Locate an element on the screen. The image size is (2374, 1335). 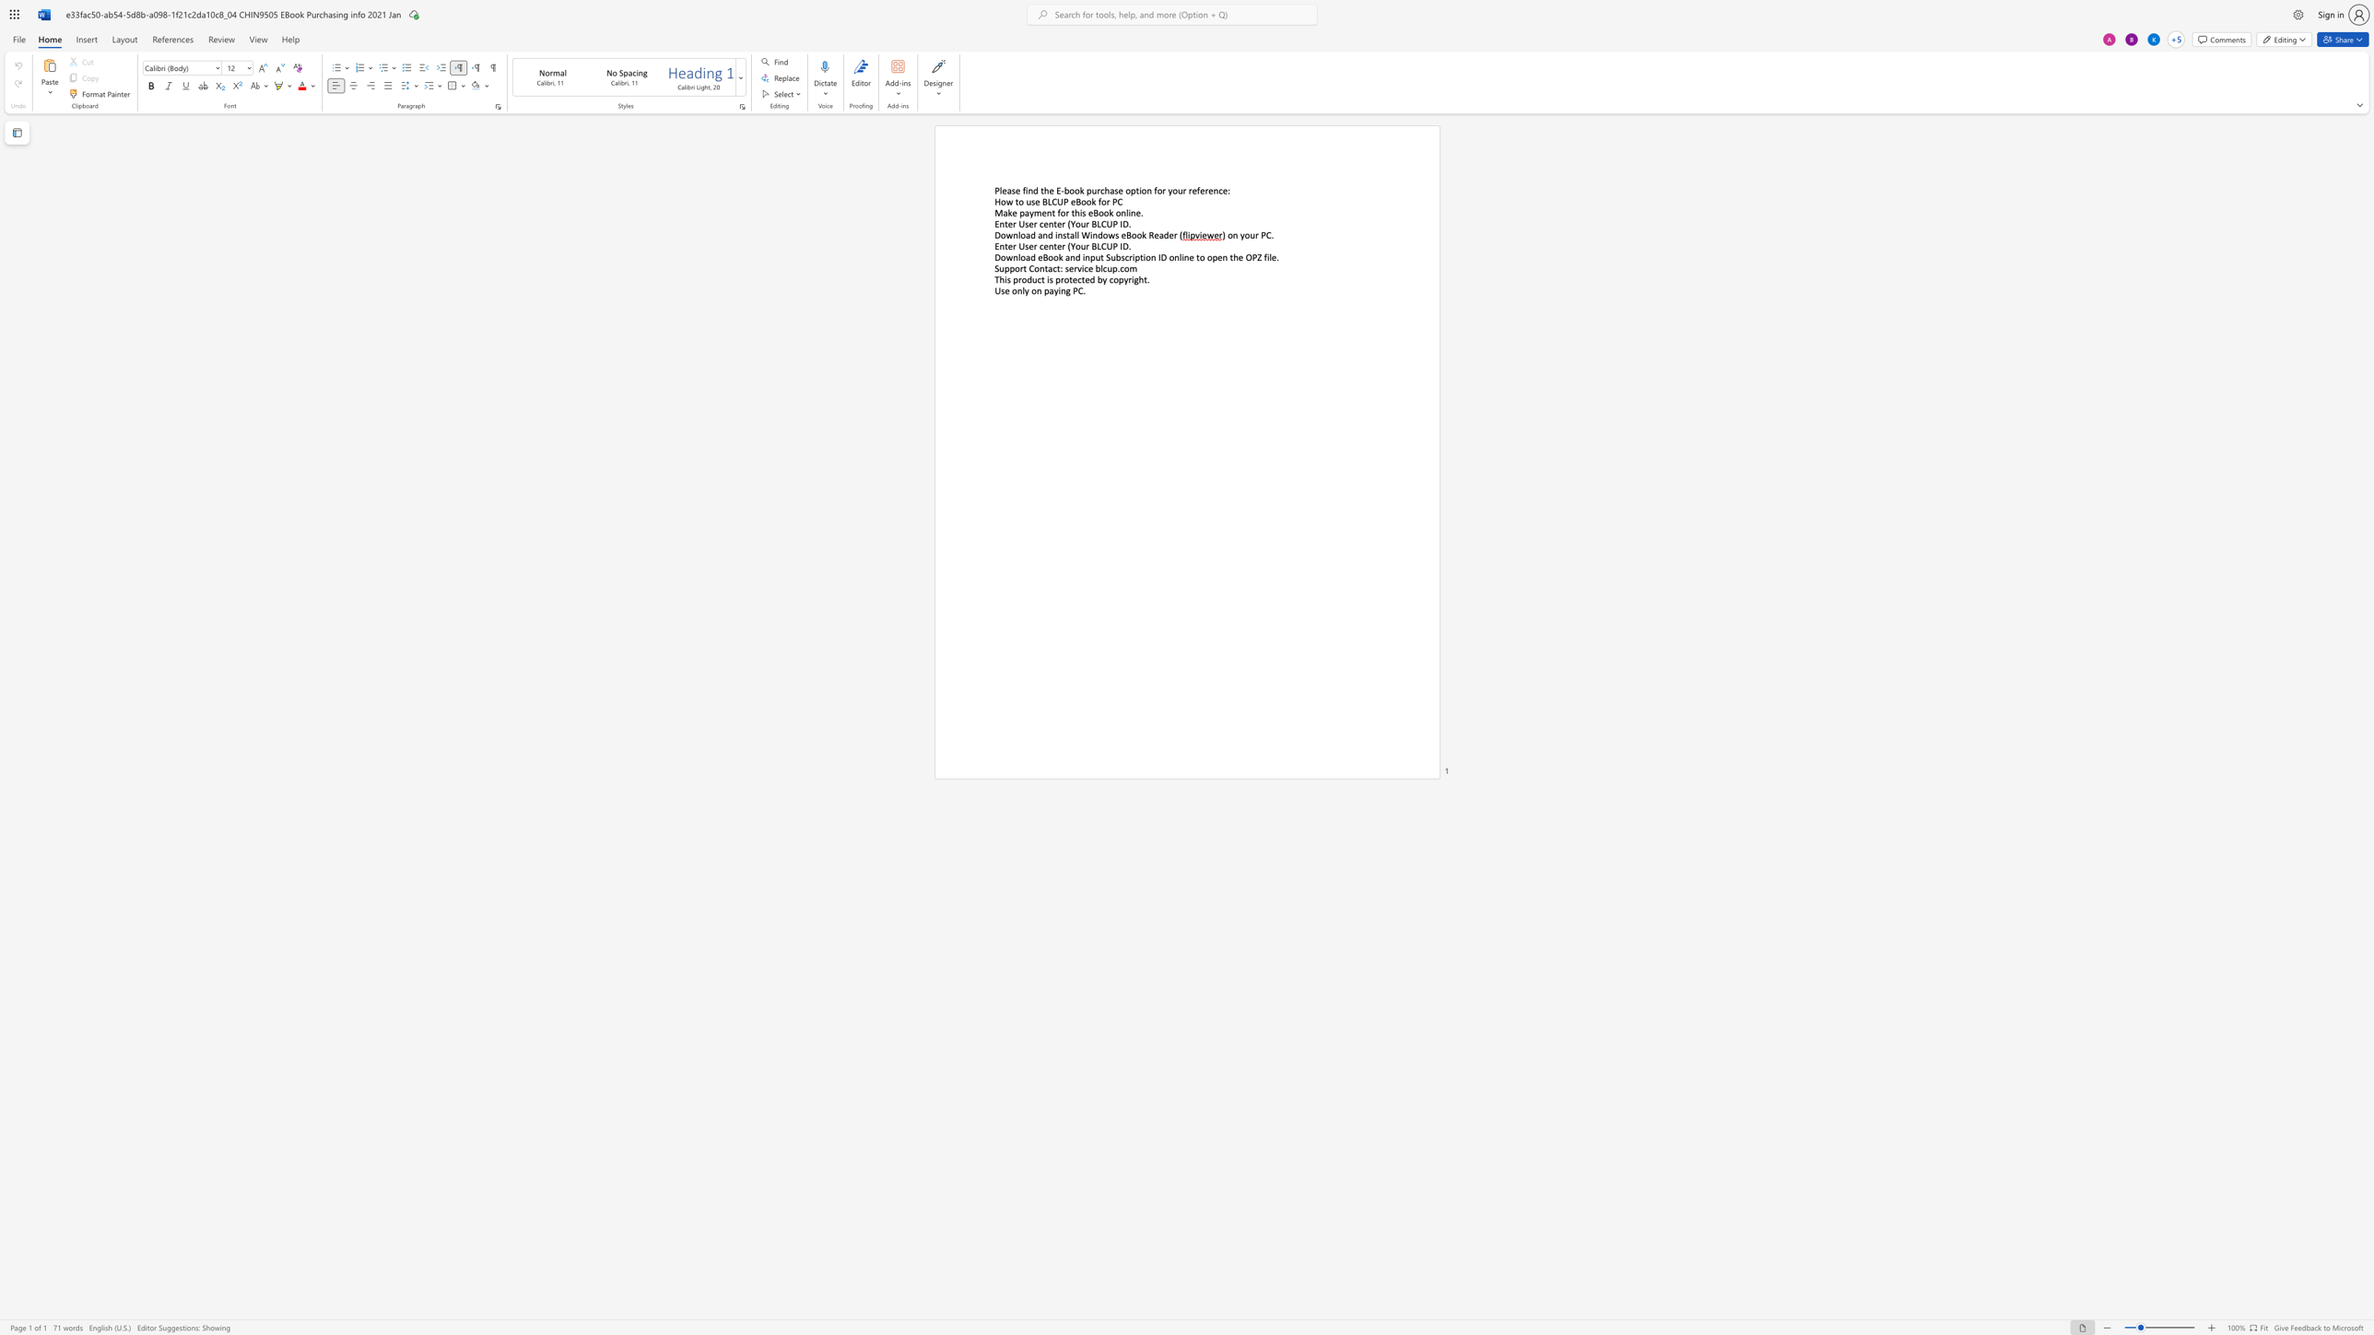
the subset text "se BLCUP eBook f" within the text "How to use BLCUP eBook for PC" is located at coordinates (1031, 201).